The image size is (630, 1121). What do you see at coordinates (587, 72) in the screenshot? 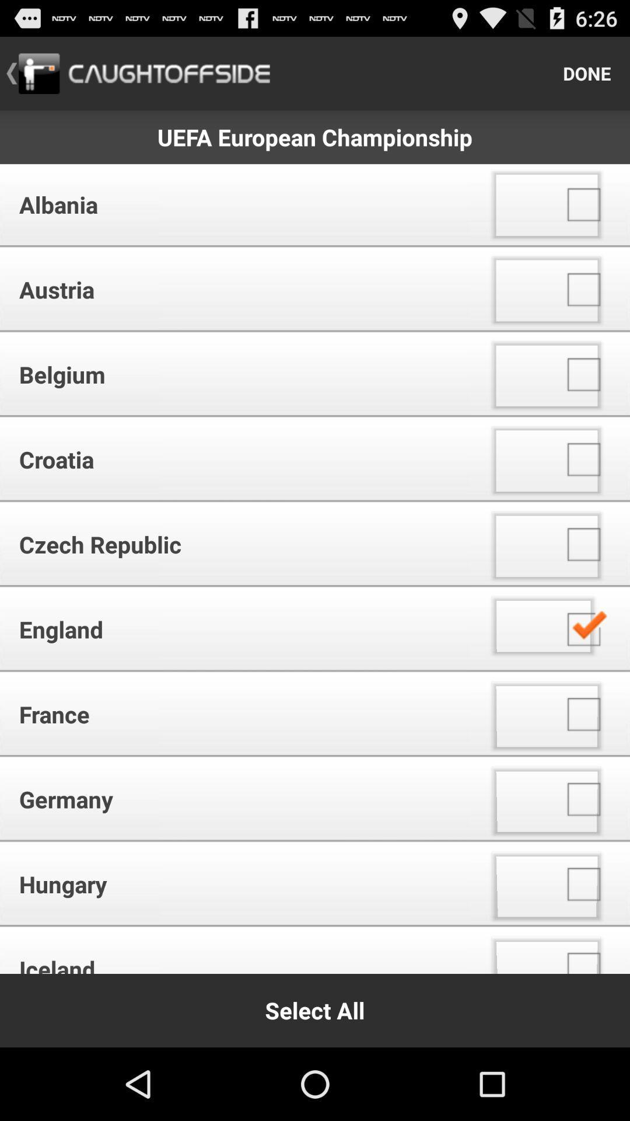
I see `done item` at bounding box center [587, 72].